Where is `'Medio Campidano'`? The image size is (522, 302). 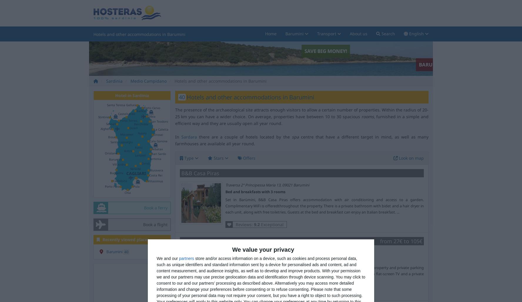 'Medio Campidano' is located at coordinates (130, 81).